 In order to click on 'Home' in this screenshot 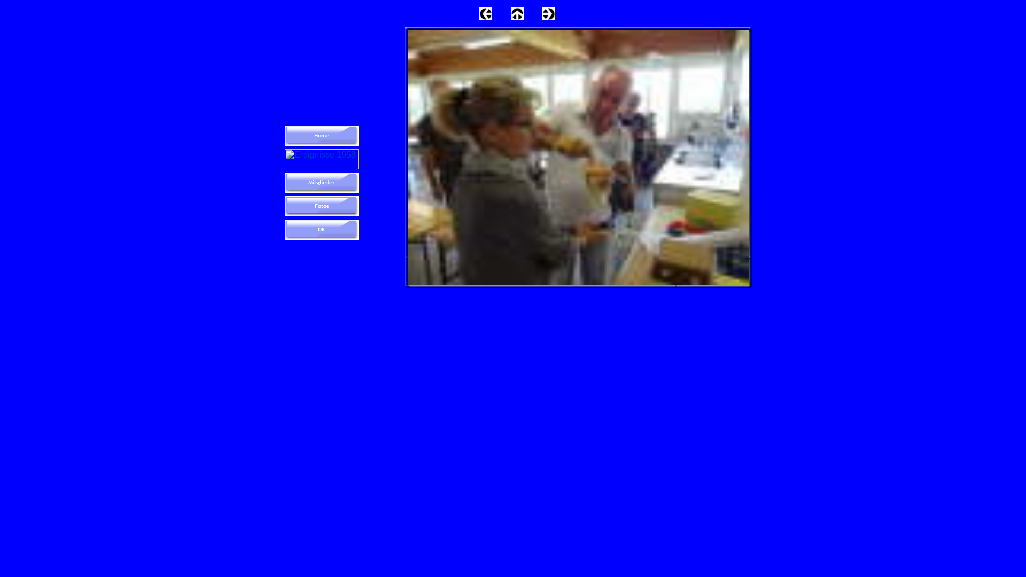, I will do `click(321, 135)`.